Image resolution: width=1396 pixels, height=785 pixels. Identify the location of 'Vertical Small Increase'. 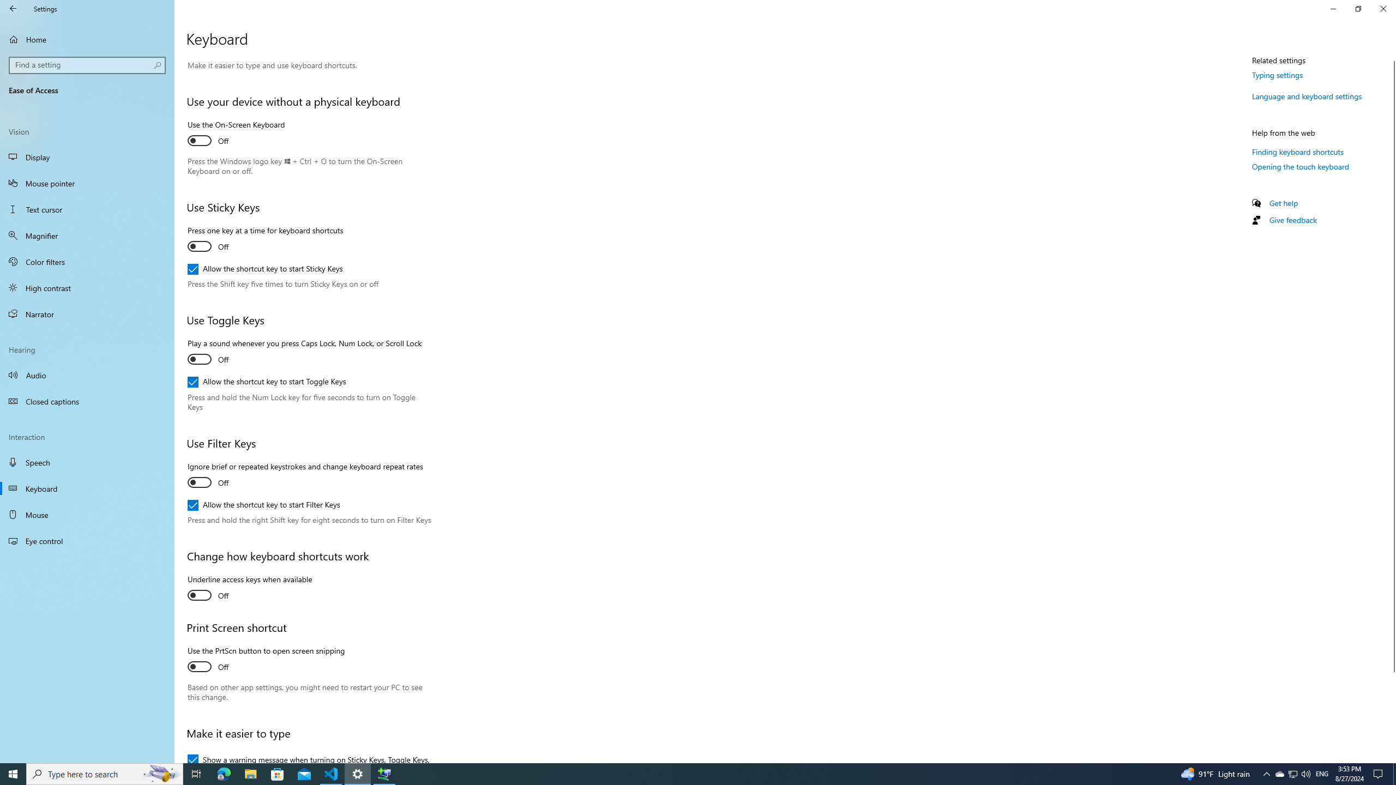
(1391, 758).